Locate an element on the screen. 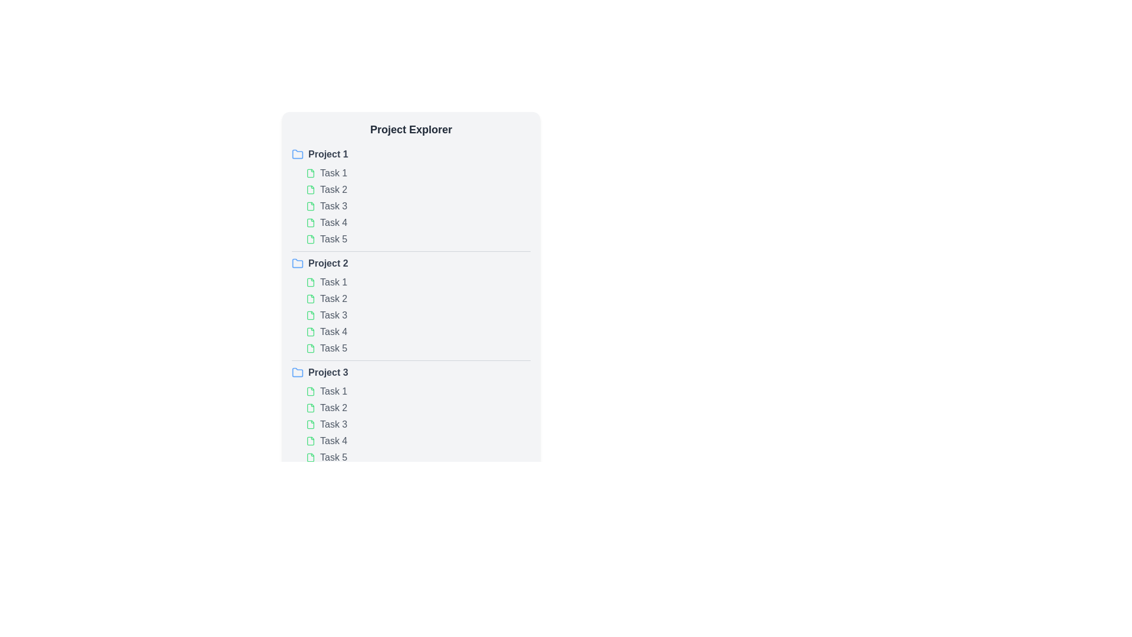 Image resolution: width=1132 pixels, height=637 pixels. the document icon representing Task 5 under Project 3, located at the bottom of the task listing is located at coordinates (311, 457).